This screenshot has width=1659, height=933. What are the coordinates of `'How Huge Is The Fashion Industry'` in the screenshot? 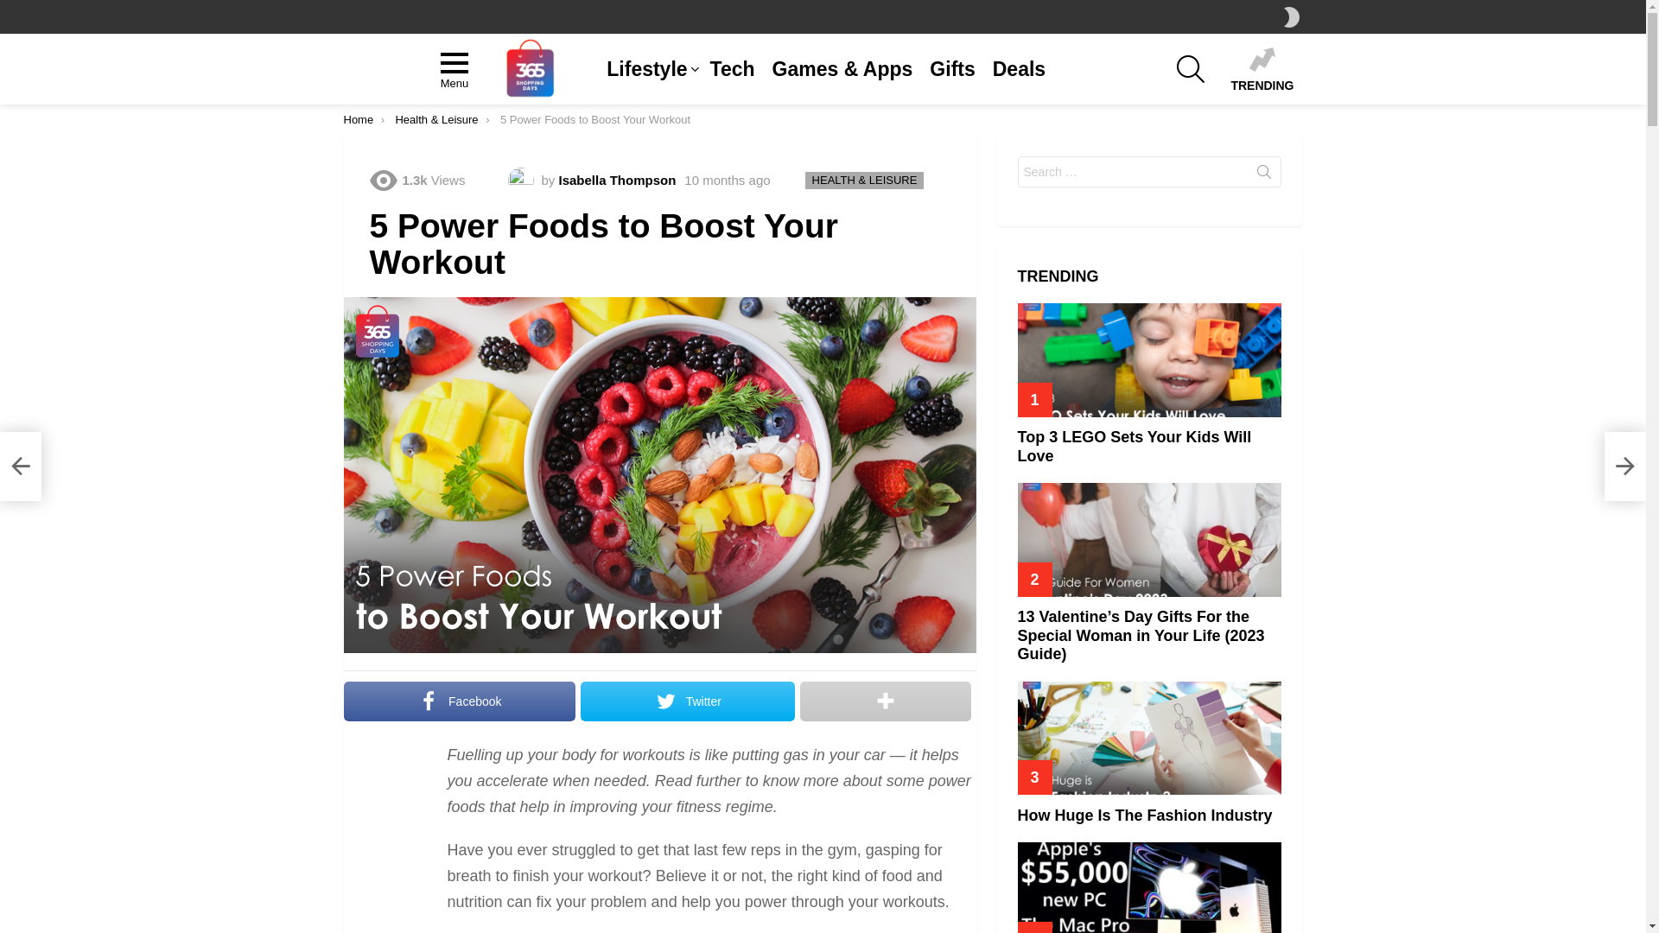 It's located at (1149, 738).